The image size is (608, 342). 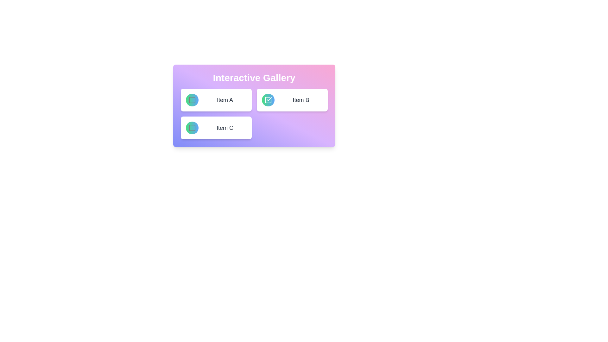 What do you see at coordinates (192, 100) in the screenshot?
I see `the decorative square-shaped icon with rounded corners associated with 'Item A' in the interactive gallery interface` at bounding box center [192, 100].